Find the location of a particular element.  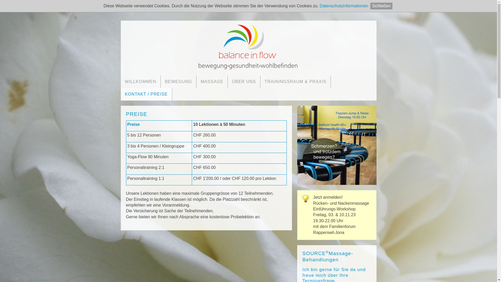

'BEWEGUNG' is located at coordinates (178, 81).